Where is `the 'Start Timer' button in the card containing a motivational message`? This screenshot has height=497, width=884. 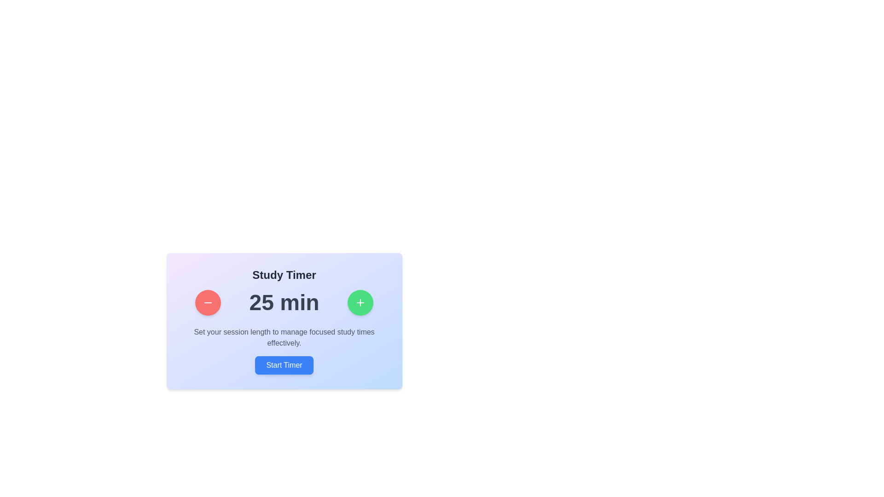
the 'Start Timer' button in the card containing a motivational message is located at coordinates (284, 351).